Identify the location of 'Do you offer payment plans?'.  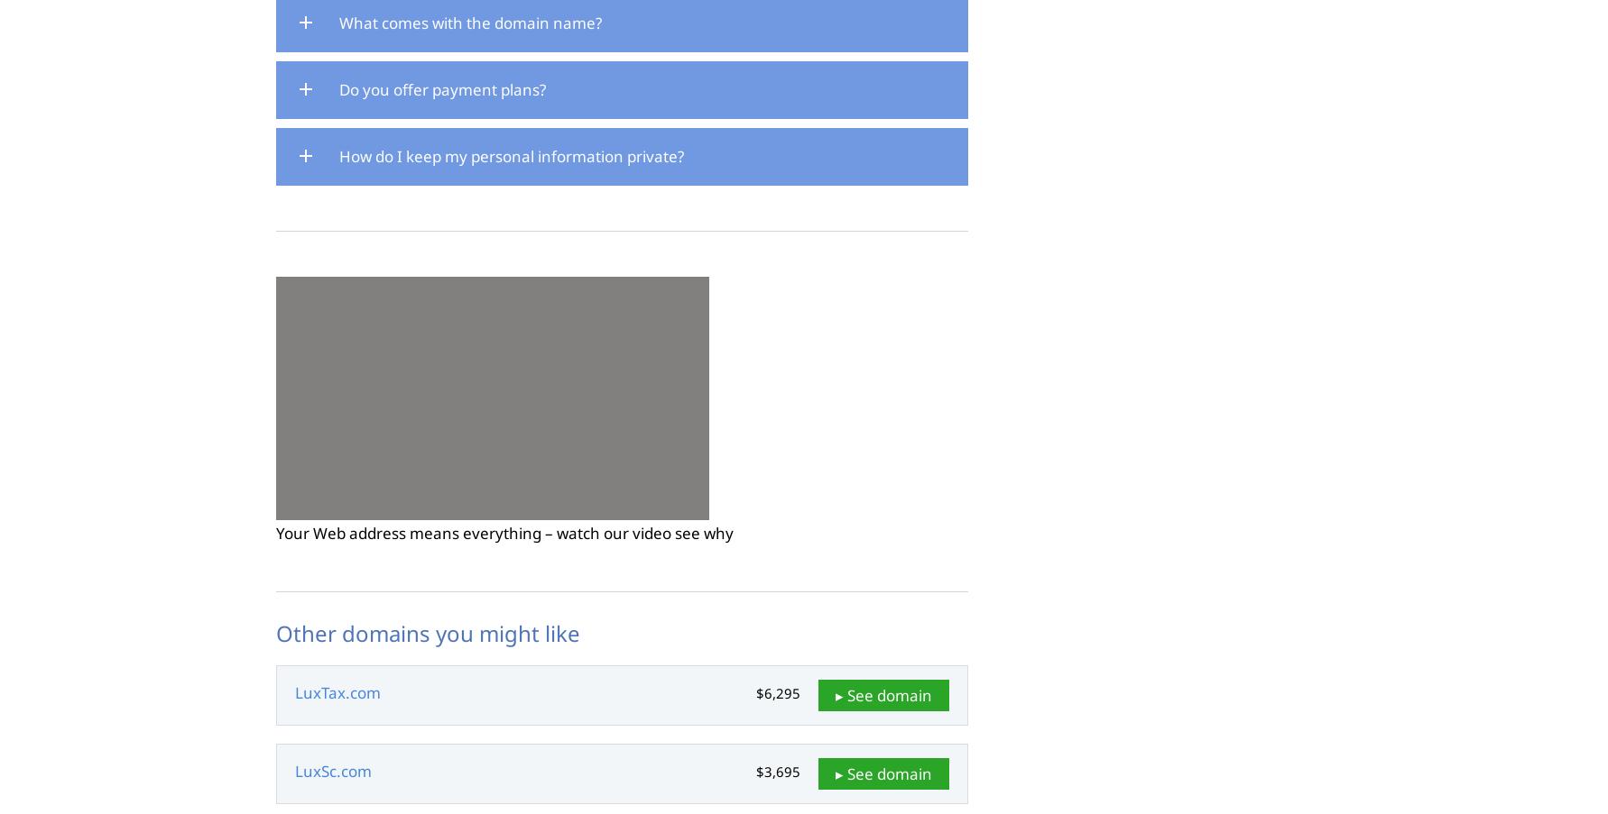
(441, 89).